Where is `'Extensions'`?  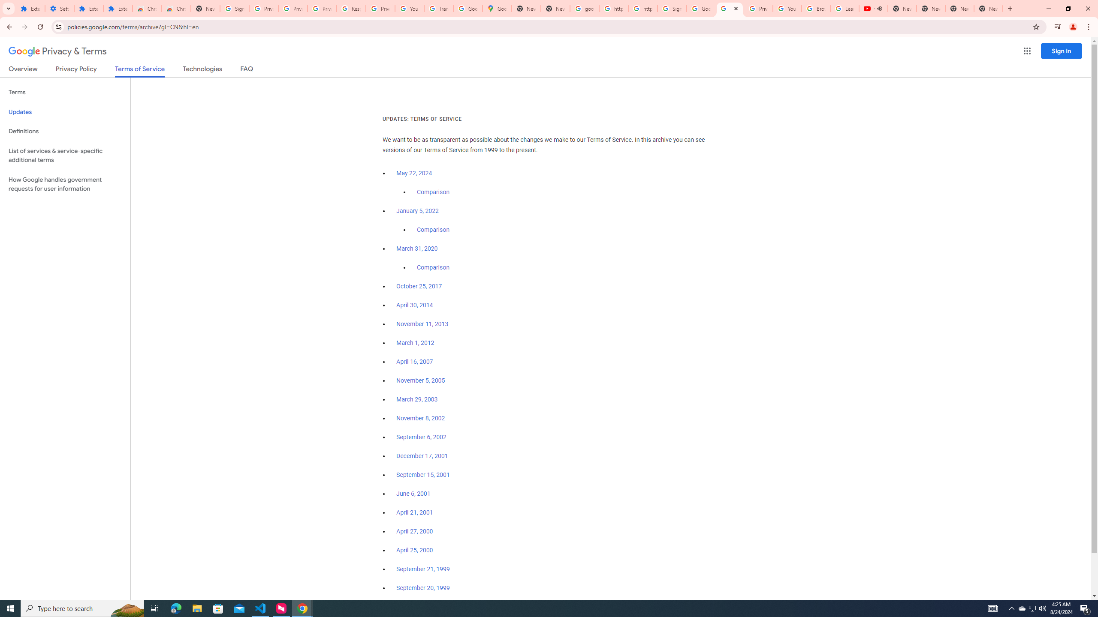
'Extensions' is located at coordinates (89, 8).